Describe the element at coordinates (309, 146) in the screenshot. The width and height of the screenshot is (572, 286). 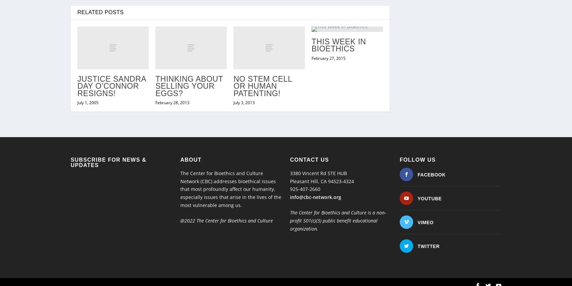
I see `'Contact Us'` at that location.